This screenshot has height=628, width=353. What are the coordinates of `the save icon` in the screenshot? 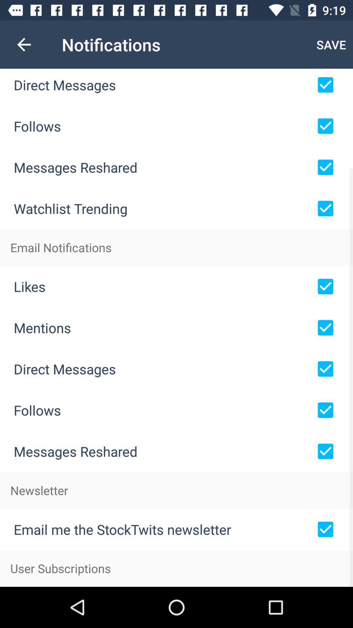 It's located at (331, 44).